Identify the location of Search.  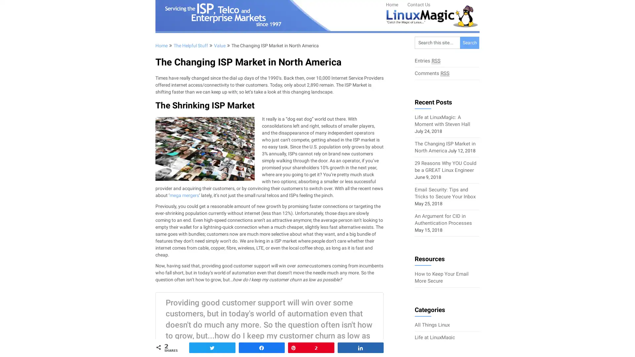
(469, 42).